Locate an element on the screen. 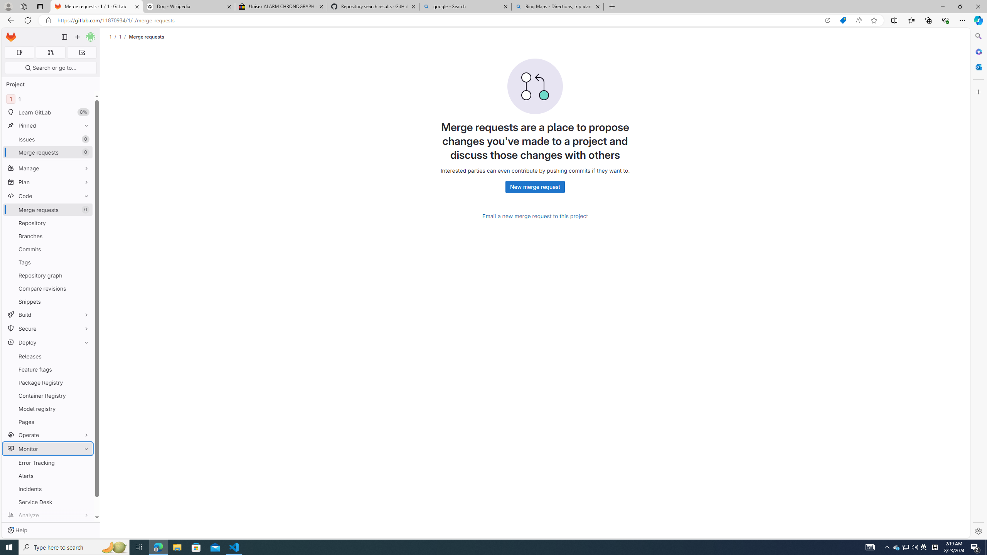 This screenshot has width=987, height=555. '1' is located at coordinates (120, 37).